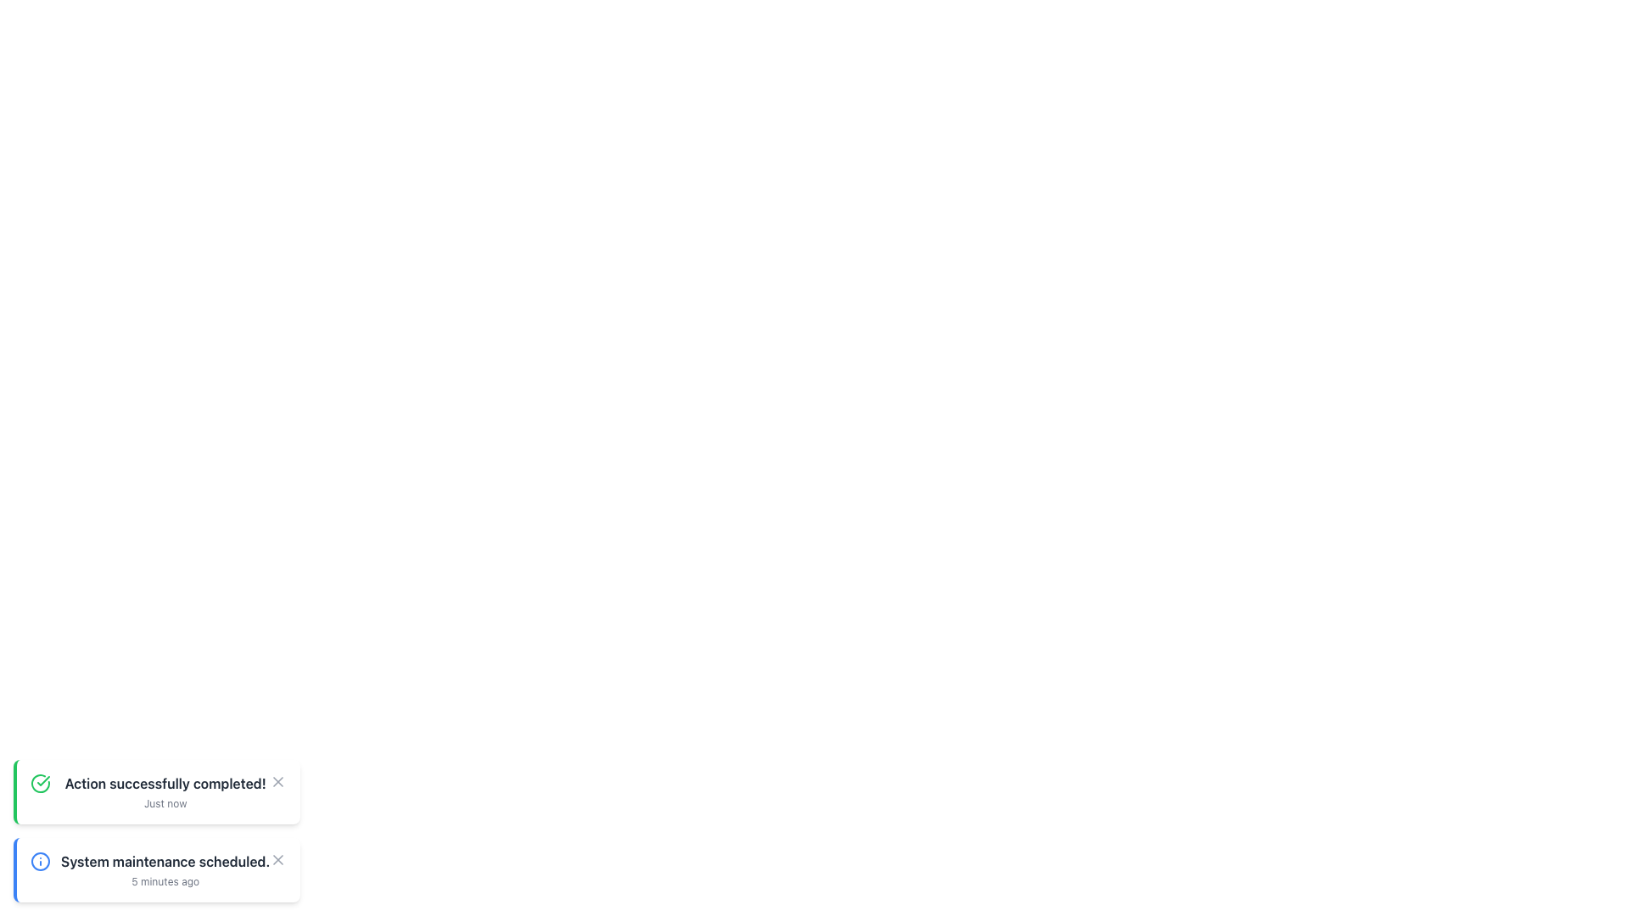  What do you see at coordinates (165, 803) in the screenshot?
I see `auxiliary timestamp text 'Just now' located below the main notification text 'Action successfully completed!' within the notification box` at bounding box center [165, 803].